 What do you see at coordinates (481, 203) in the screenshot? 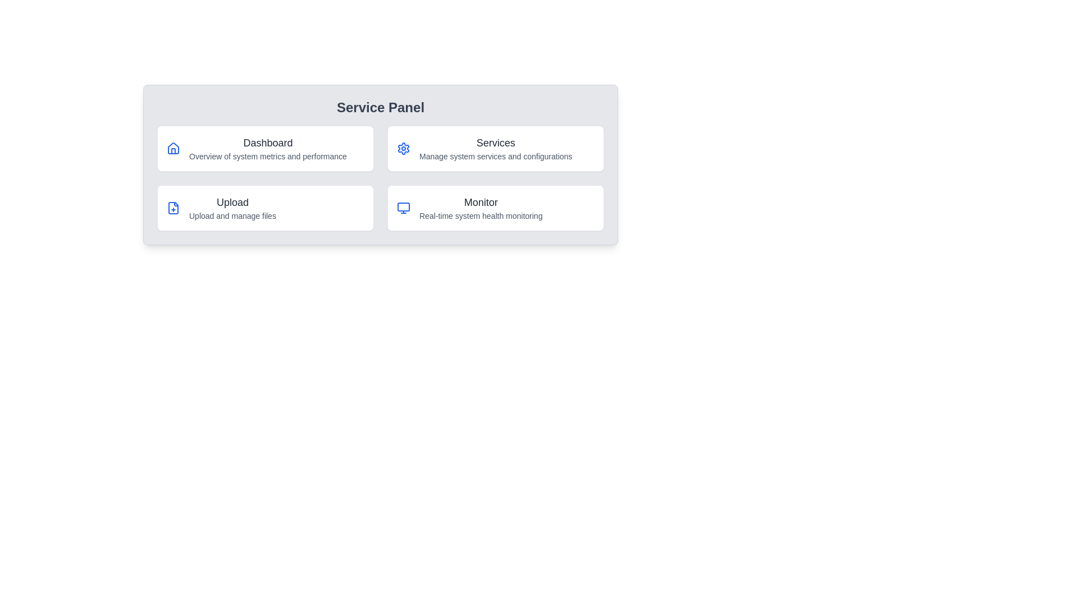
I see `the text label displaying 'Monitor'` at bounding box center [481, 203].